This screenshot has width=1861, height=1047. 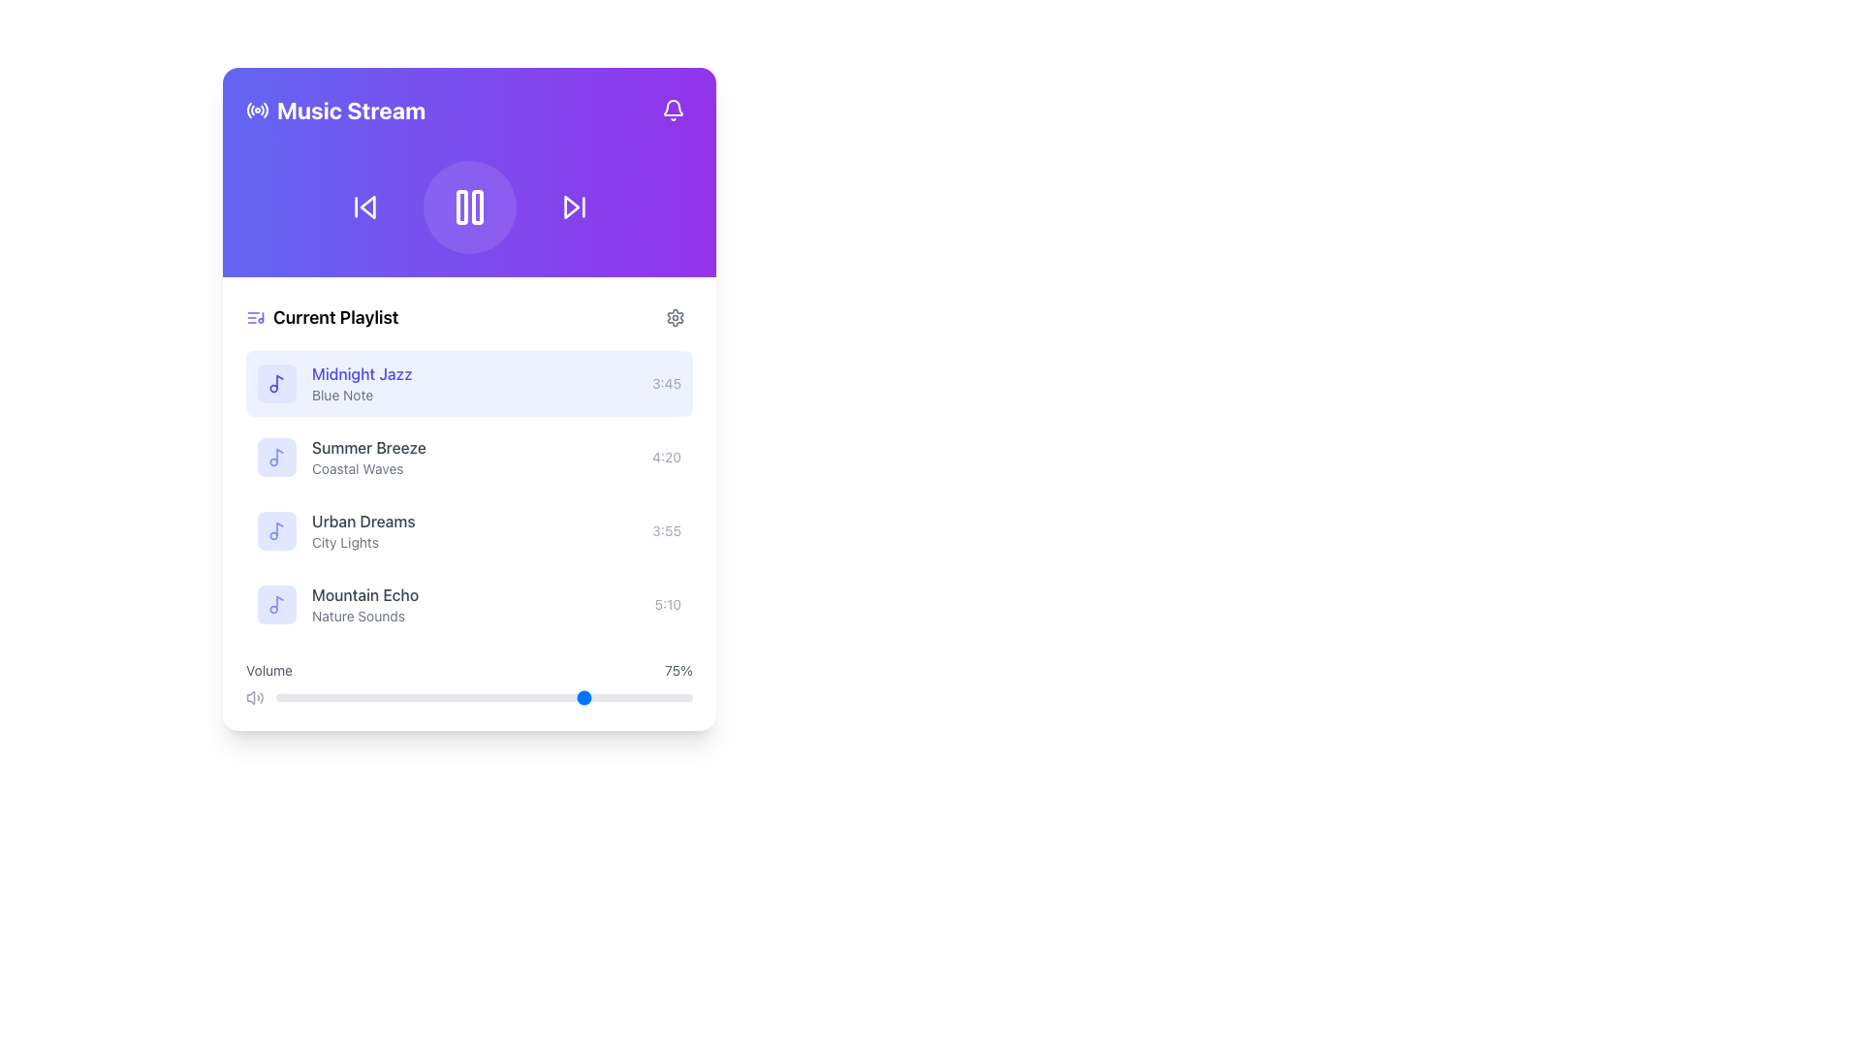 I want to click on the musical note icon in the 'Current Playlist' section associated with 'Midnight Jazz', so click(x=278, y=382).